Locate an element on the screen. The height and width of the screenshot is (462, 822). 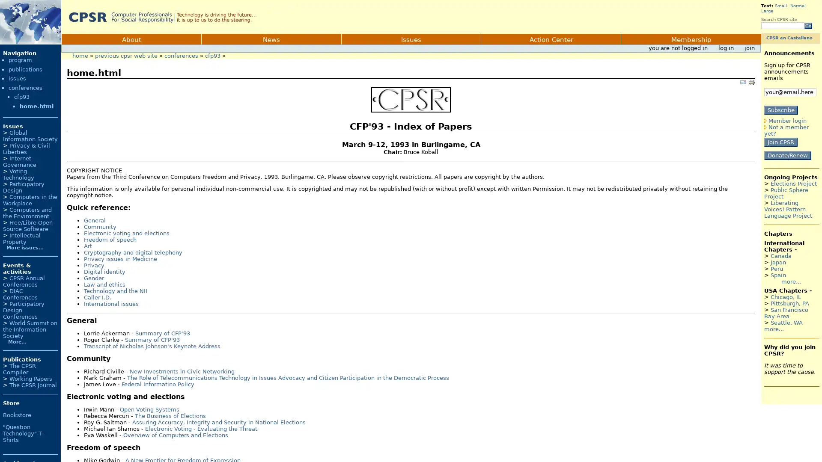
Subscribe is located at coordinates (780, 109).